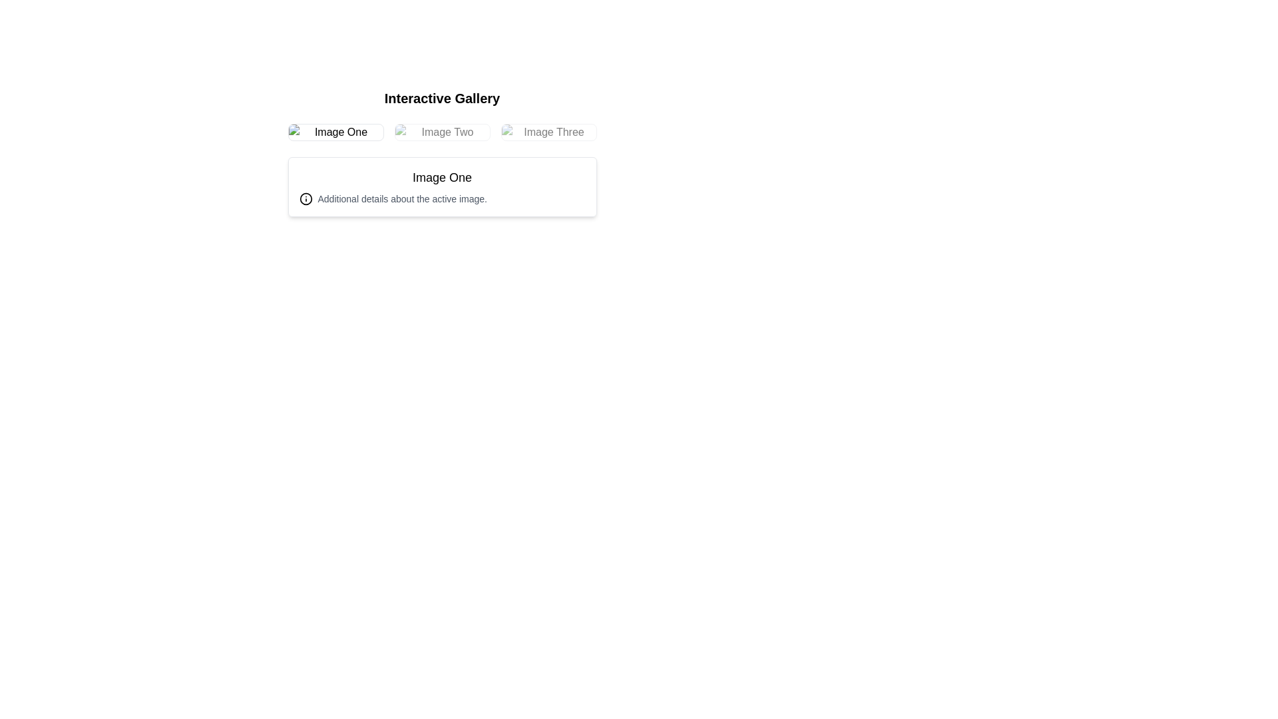 The height and width of the screenshot is (719, 1278). Describe the element at coordinates (548, 132) in the screenshot. I see `the image thumbnail labeled 'Image Three' to change its opacity effect` at that location.